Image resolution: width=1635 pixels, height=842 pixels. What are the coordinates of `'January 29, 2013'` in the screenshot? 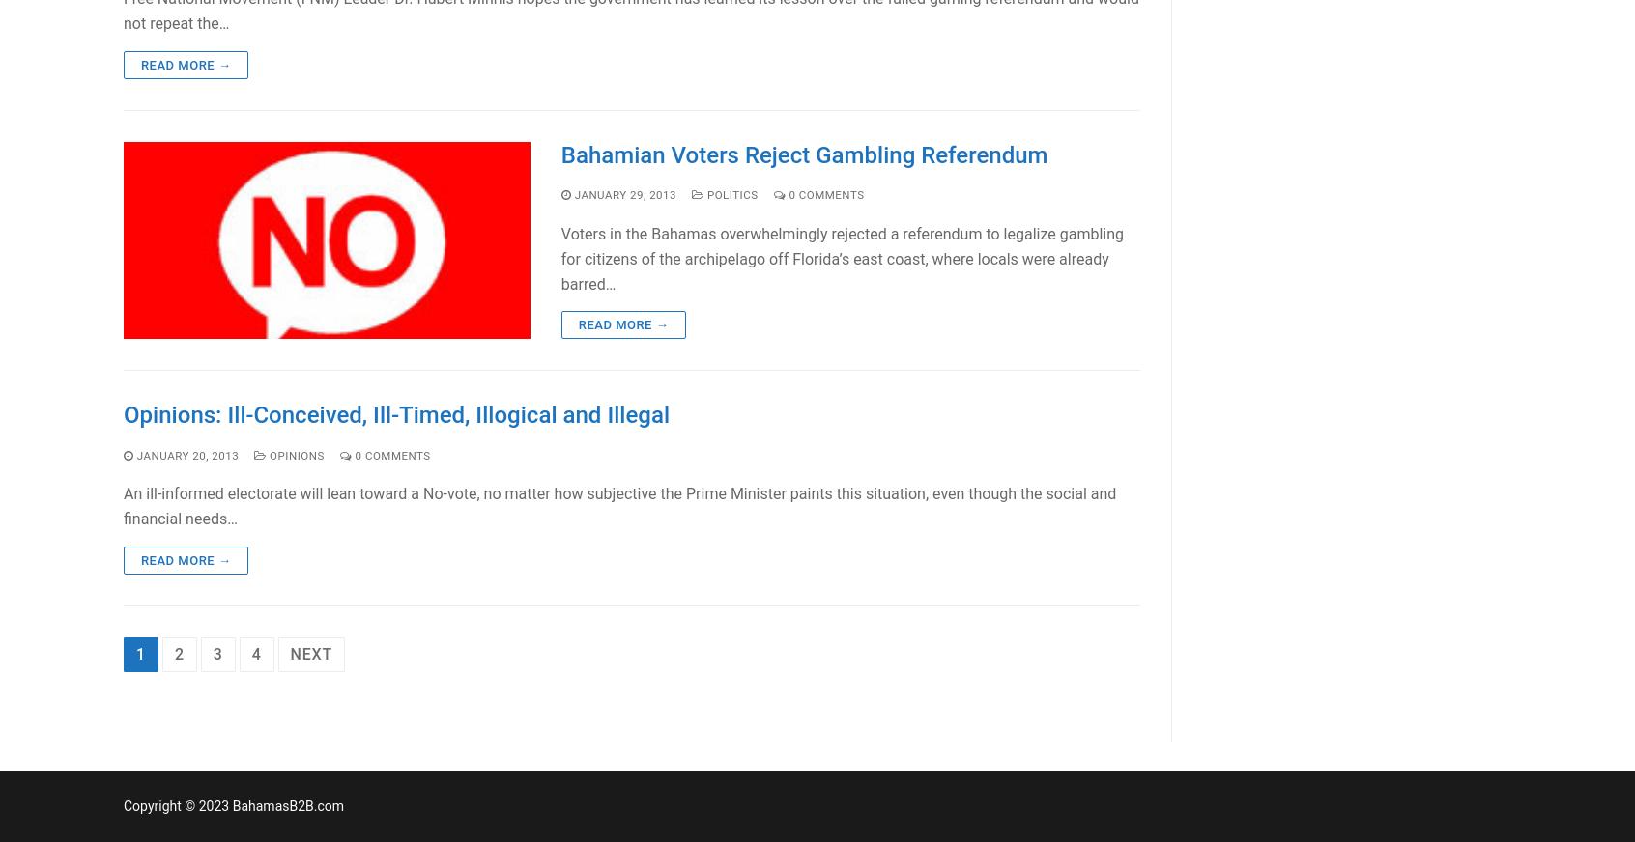 It's located at (625, 193).